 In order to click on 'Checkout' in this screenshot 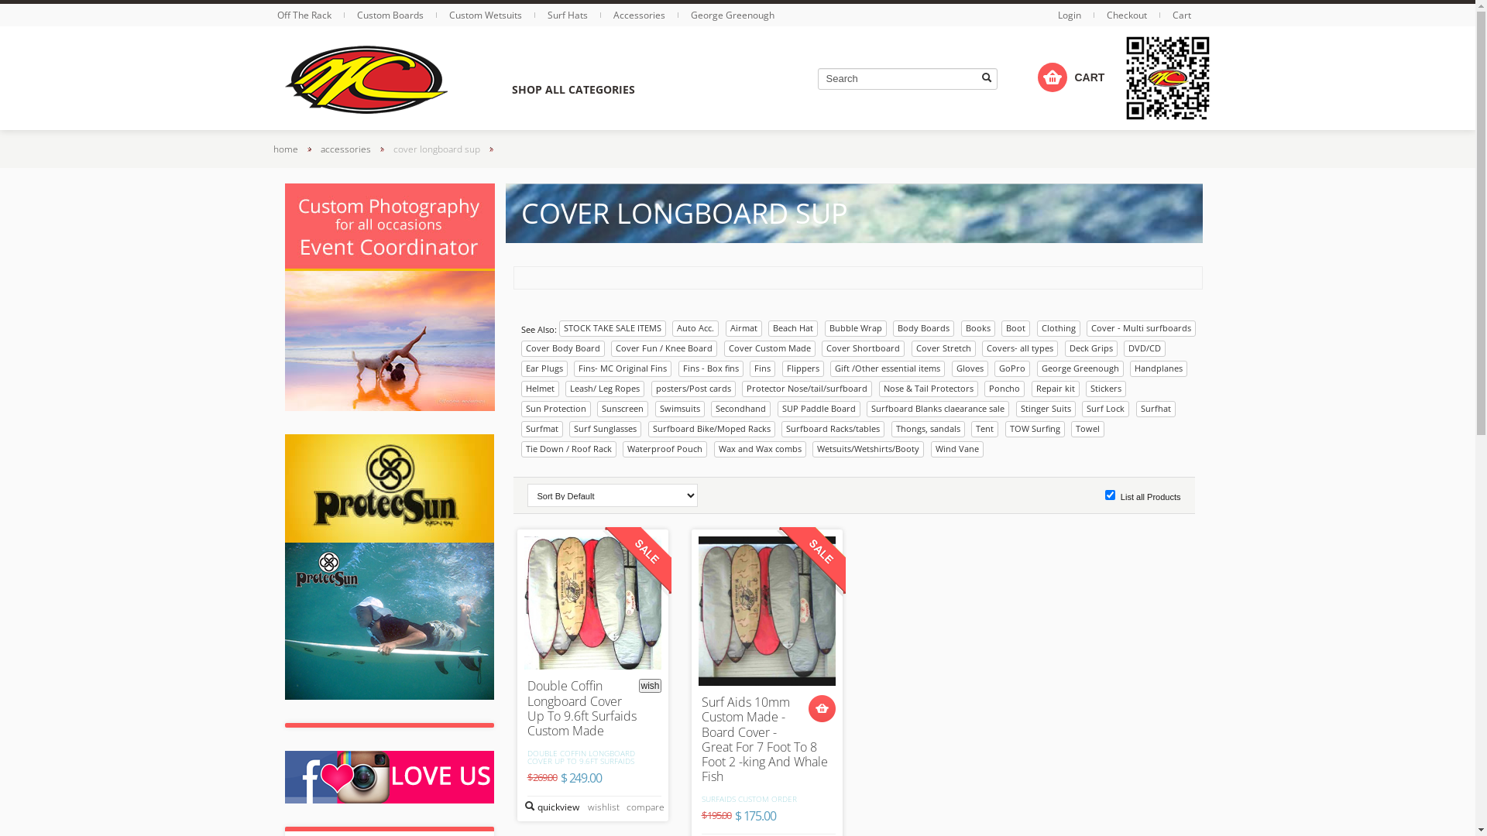, I will do `click(1126, 15)`.